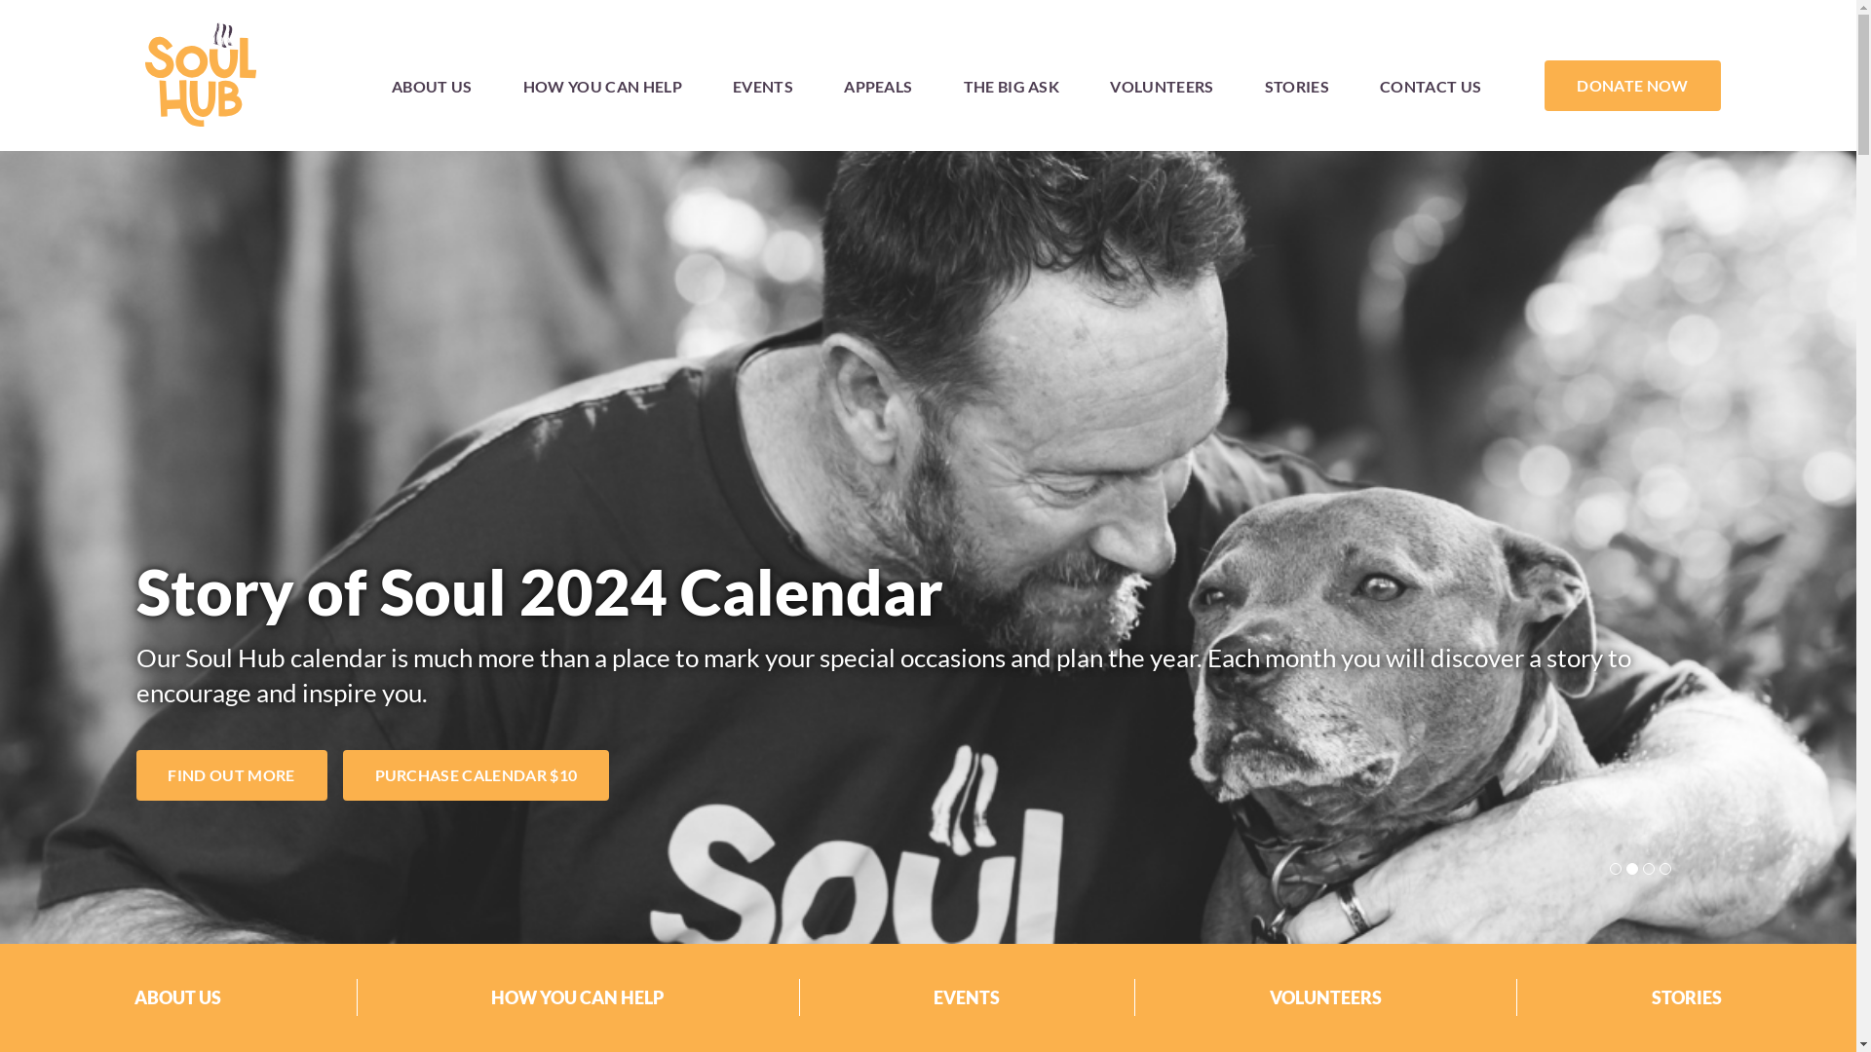 The image size is (1871, 1052). What do you see at coordinates (431, 84) in the screenshot?
I see `'ABOUT US'` at bounding box center [431, 84].